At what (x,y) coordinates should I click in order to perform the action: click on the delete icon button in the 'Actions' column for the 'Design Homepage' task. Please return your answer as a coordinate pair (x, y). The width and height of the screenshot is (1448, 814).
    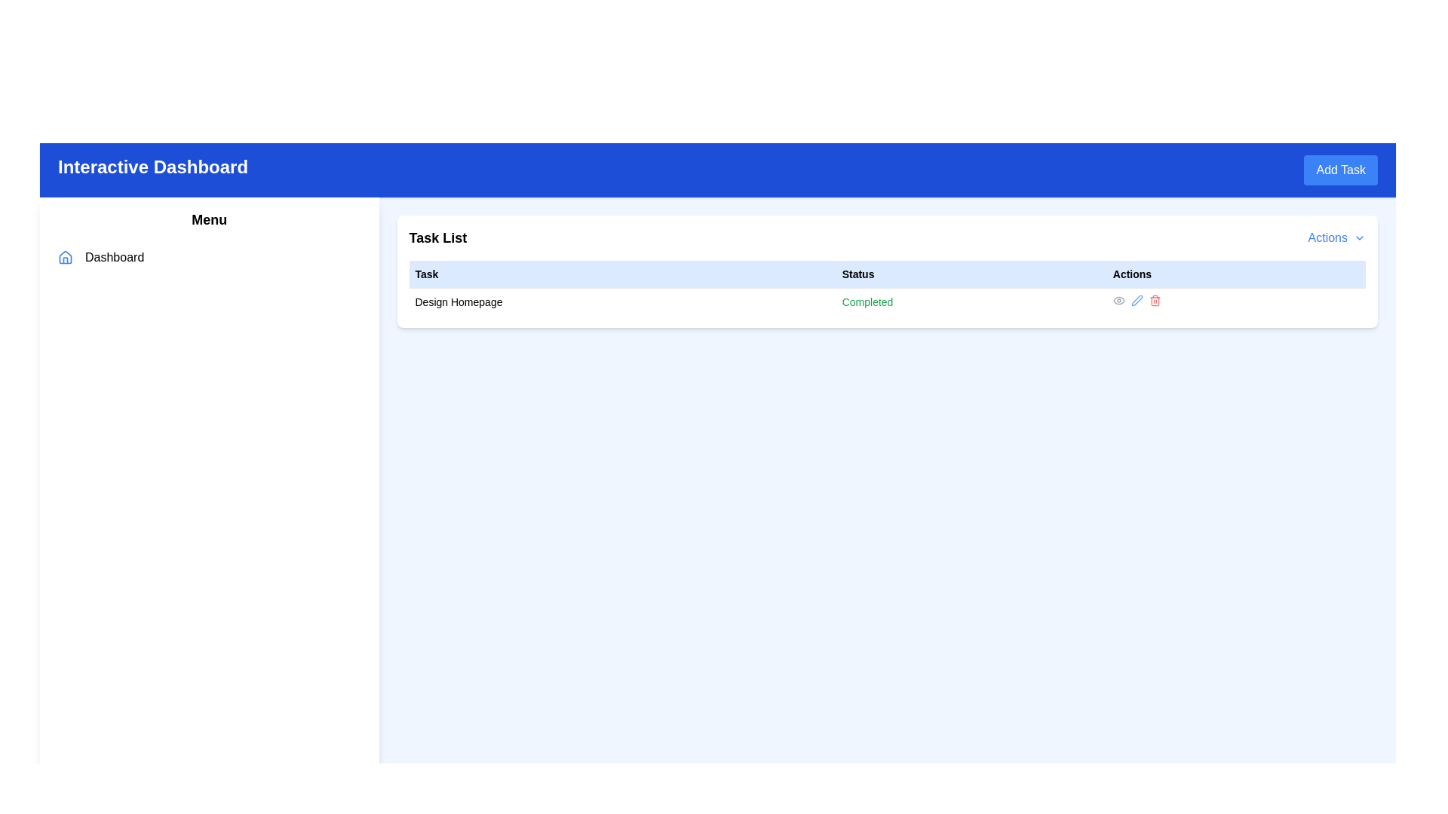
    Looking at the image, I should click on (1154, 300).